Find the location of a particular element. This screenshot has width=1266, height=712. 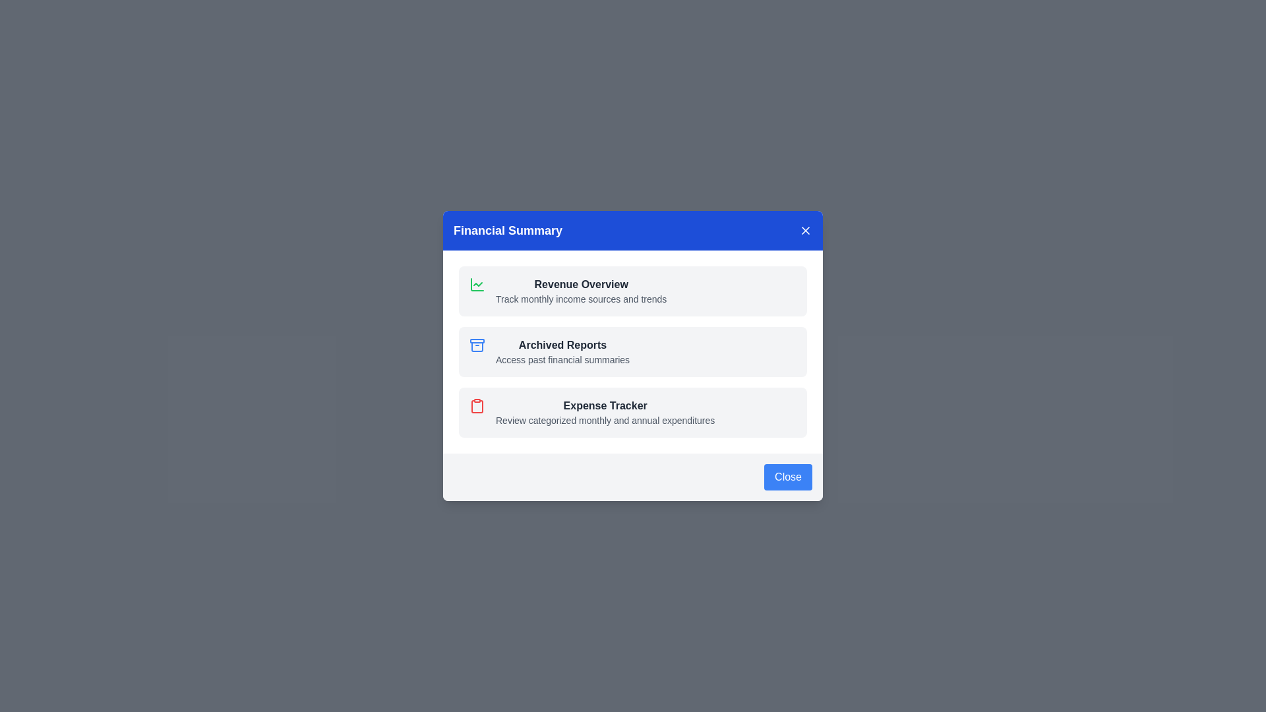

the Archived Reports section in the Financial Summary dialog is located at coordinates (562, 351).